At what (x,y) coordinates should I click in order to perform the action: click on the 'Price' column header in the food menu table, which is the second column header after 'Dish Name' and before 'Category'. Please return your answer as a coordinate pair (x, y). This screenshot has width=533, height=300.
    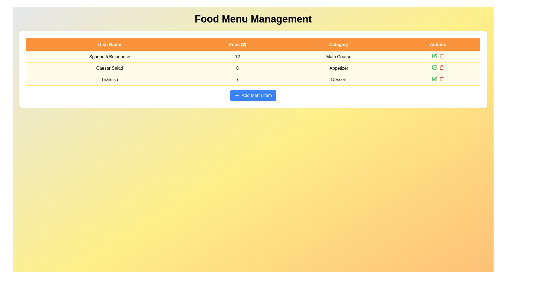
    Looking at the image, I should click on (237, 44).